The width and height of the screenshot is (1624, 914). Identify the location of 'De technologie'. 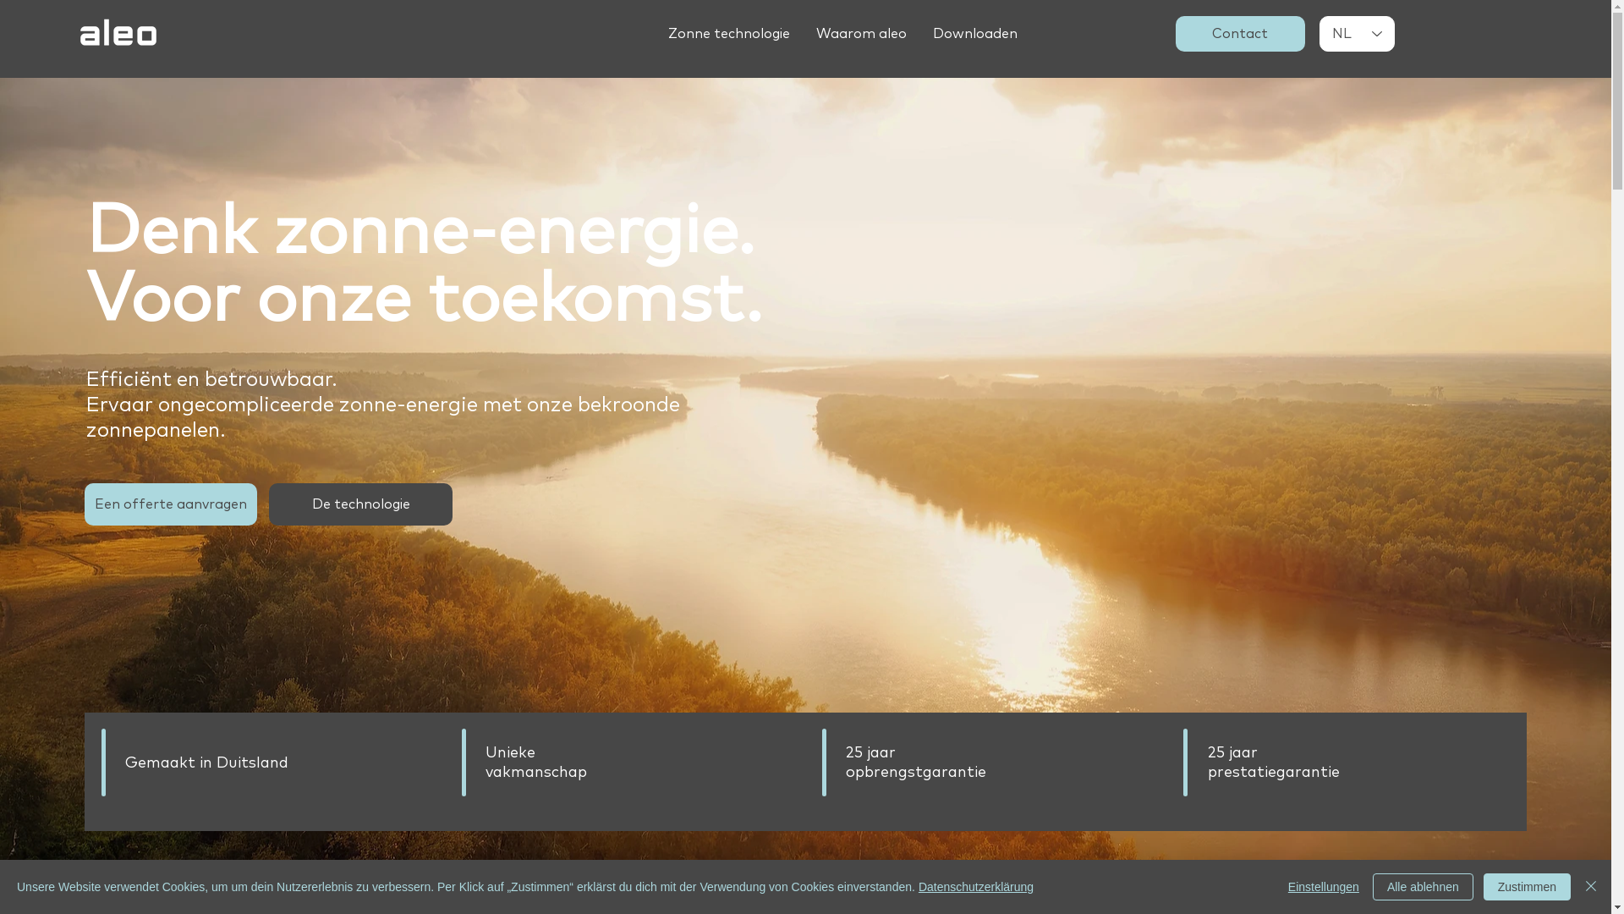
(359, 504).